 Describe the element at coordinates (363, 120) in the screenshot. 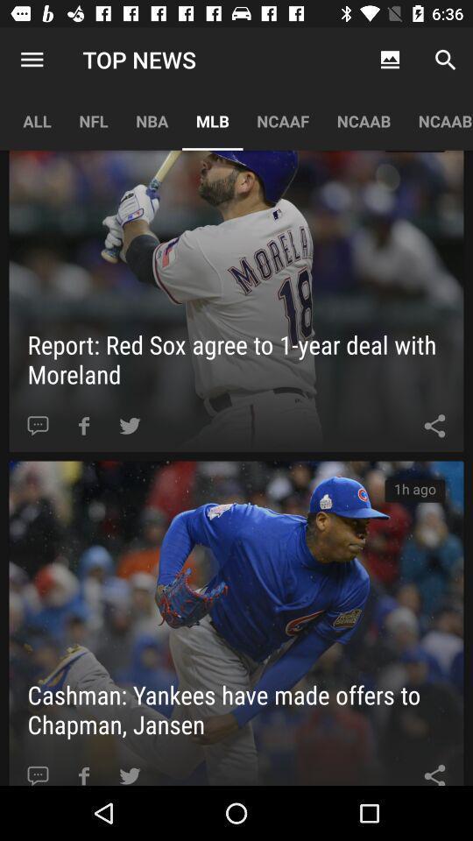

I see `the icon next to the ncaabbl icon` at that location.